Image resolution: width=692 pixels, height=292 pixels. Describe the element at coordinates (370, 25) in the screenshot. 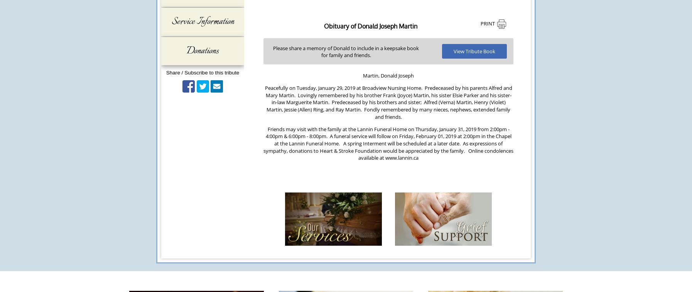

I see `'Obituary of Donald Joseph Martin'` at that location.